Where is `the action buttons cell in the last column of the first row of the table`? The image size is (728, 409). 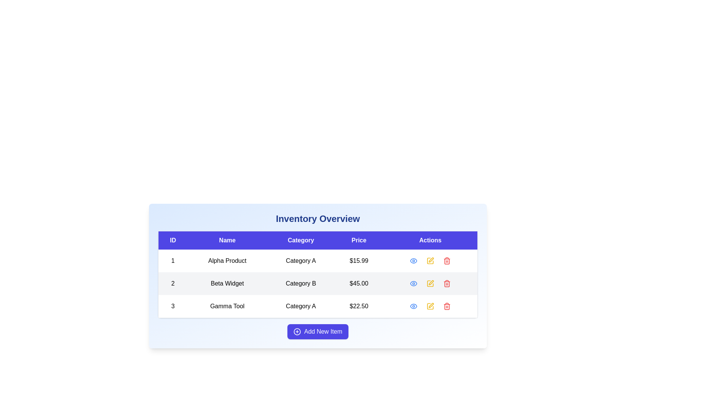 the action buttons cell in the last column of the first row of the table is located at coordinates (430, 261).